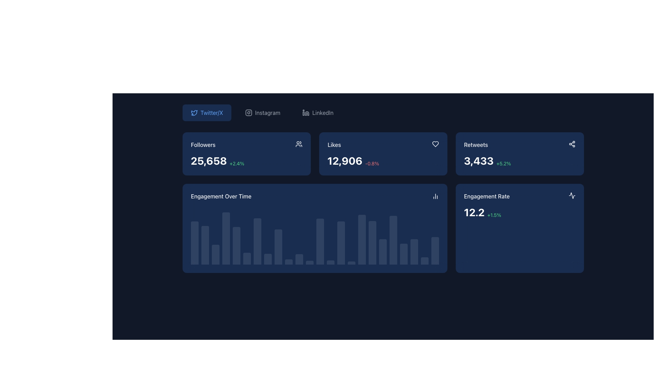 This screenshot has width=669, height=376. What do you see at coordinates (257, 241) in the screenshot?
I see `the 7th vertical bar in the 'Engagement Over Time' bar chart, which is filled with a semi-transparent white color against a dark blue background` at bounding box center [257, 241].